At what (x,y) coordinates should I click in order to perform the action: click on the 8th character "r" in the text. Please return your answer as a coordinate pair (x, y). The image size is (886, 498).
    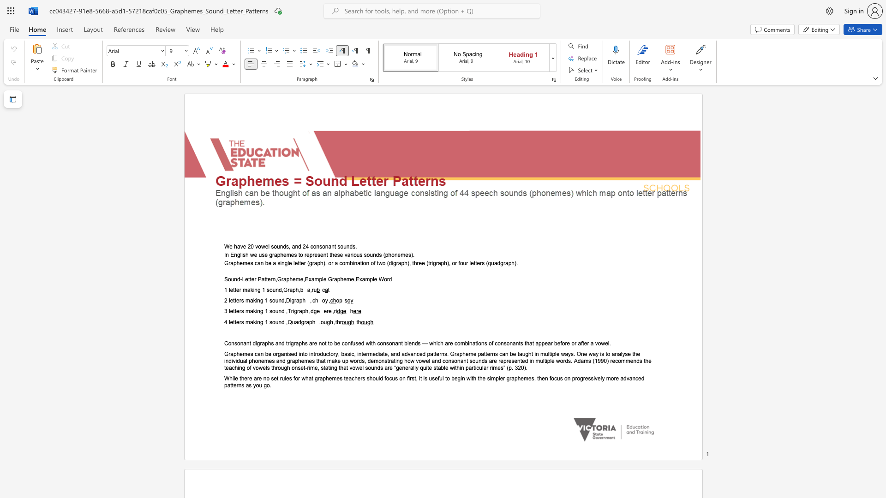
    Looking at the image, I should click on (575, 343).